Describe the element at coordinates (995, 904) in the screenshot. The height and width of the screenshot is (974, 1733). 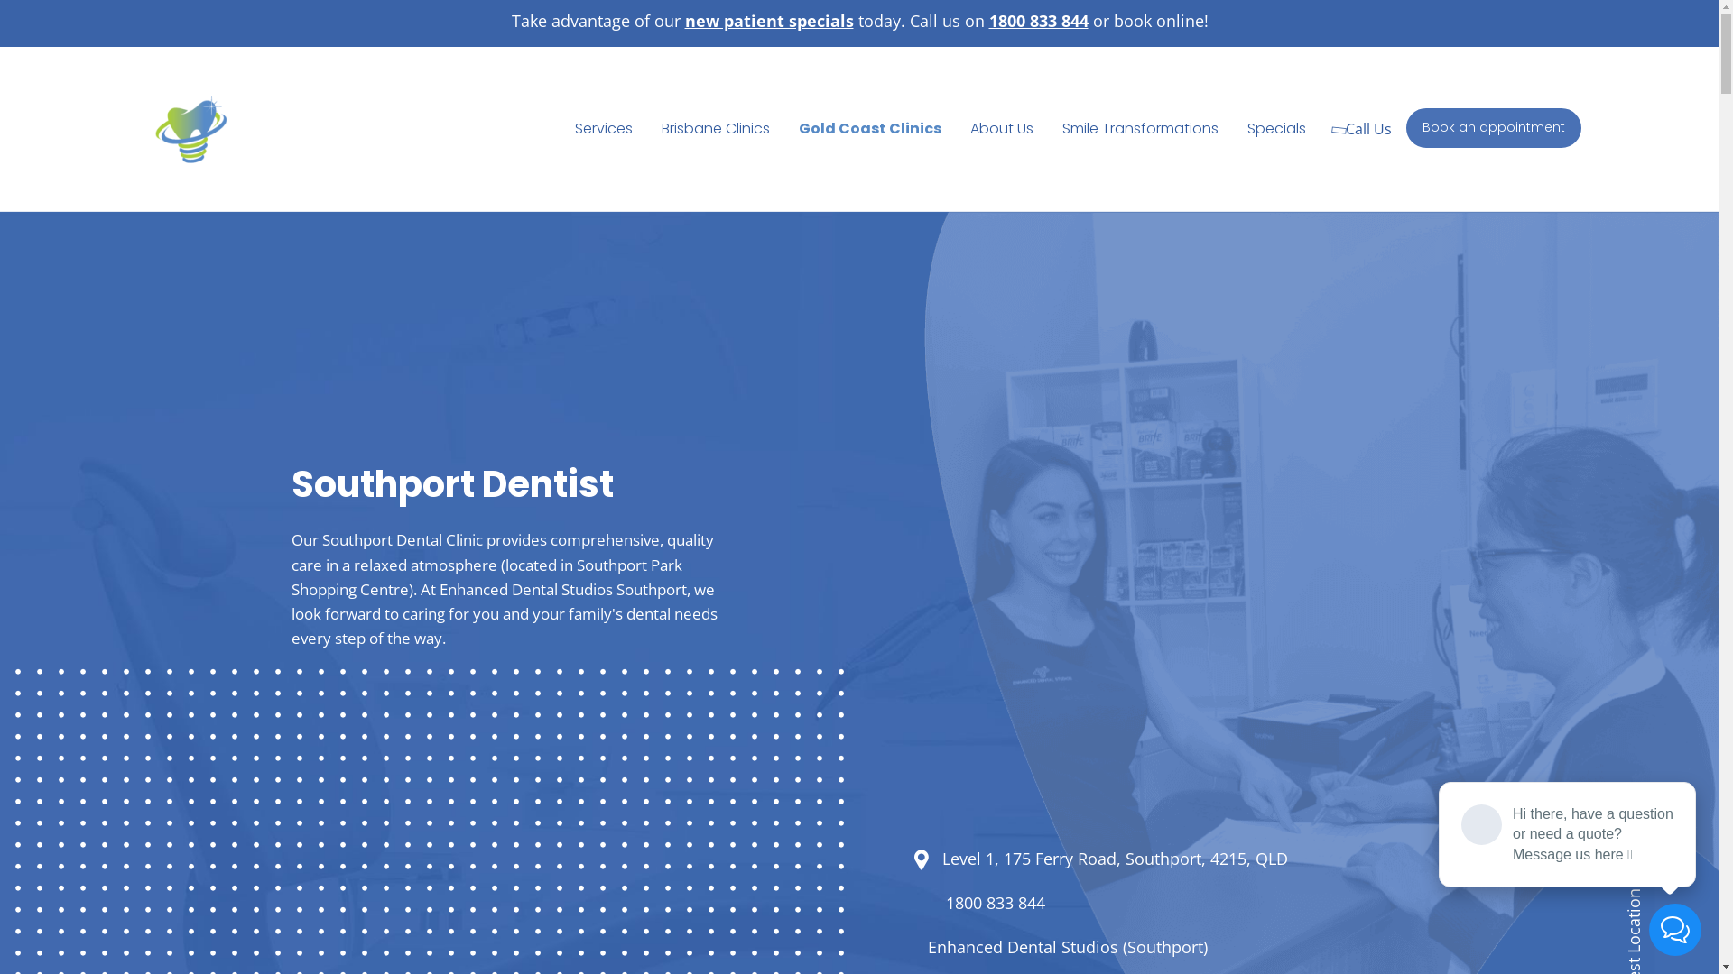
I see `'1800 833 844'` at that location.